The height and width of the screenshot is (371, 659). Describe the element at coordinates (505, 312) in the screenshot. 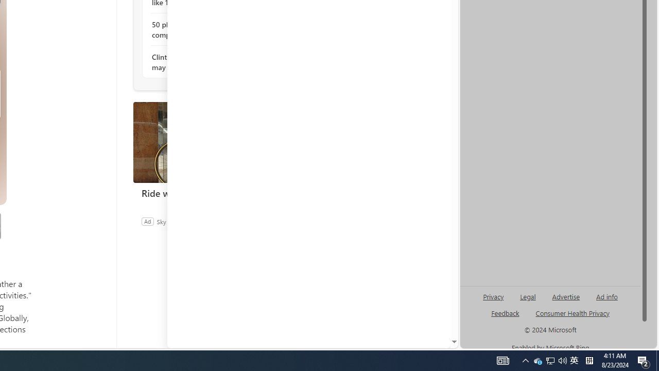

I see `'AutomationID: sb_feedback'` at that location.